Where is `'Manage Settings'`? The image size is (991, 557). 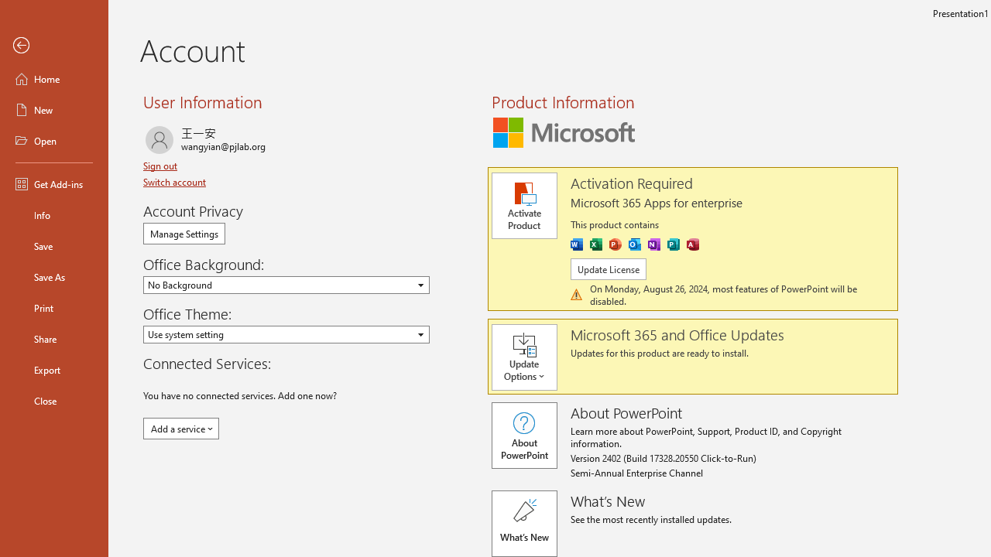 'Manage Settings' is located at coordinates (184, 234).